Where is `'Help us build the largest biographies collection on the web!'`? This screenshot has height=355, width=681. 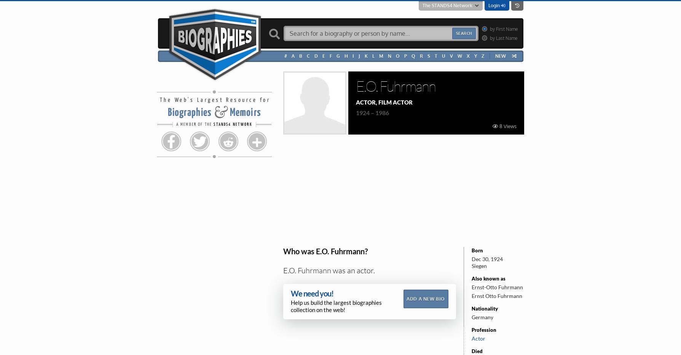
'Help us build the largest biographies collection on the web!' is located at coordinates (336, 306).